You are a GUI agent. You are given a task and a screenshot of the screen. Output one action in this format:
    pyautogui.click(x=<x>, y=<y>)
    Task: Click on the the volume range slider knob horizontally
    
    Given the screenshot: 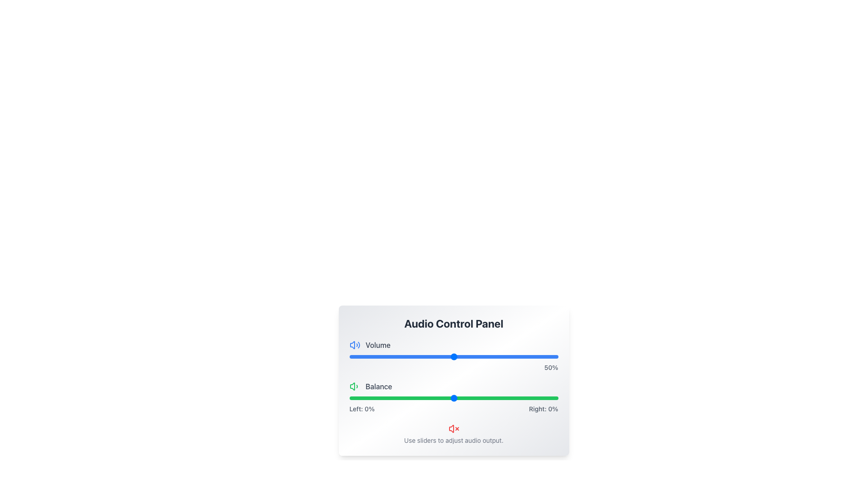 What is the action you would take?
    pyautogui.click(x=454, y=356)
    